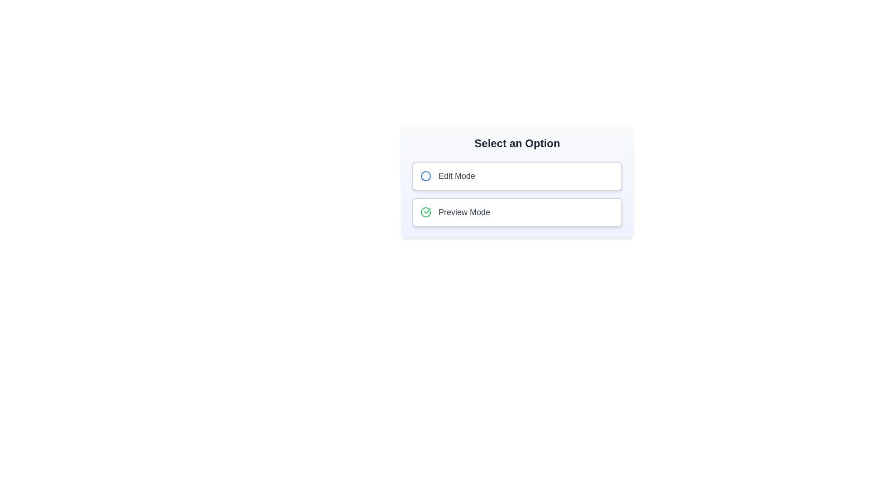 The width and height of the screenshot is (869, 489). Describe the element at coordinates (457, 176) in the screenshot. I see `the label for the first selectable option in the 'Select an Option' menu, which is aligned with 'Preview Mode' and located to the right of a circular blue icon` at that location.